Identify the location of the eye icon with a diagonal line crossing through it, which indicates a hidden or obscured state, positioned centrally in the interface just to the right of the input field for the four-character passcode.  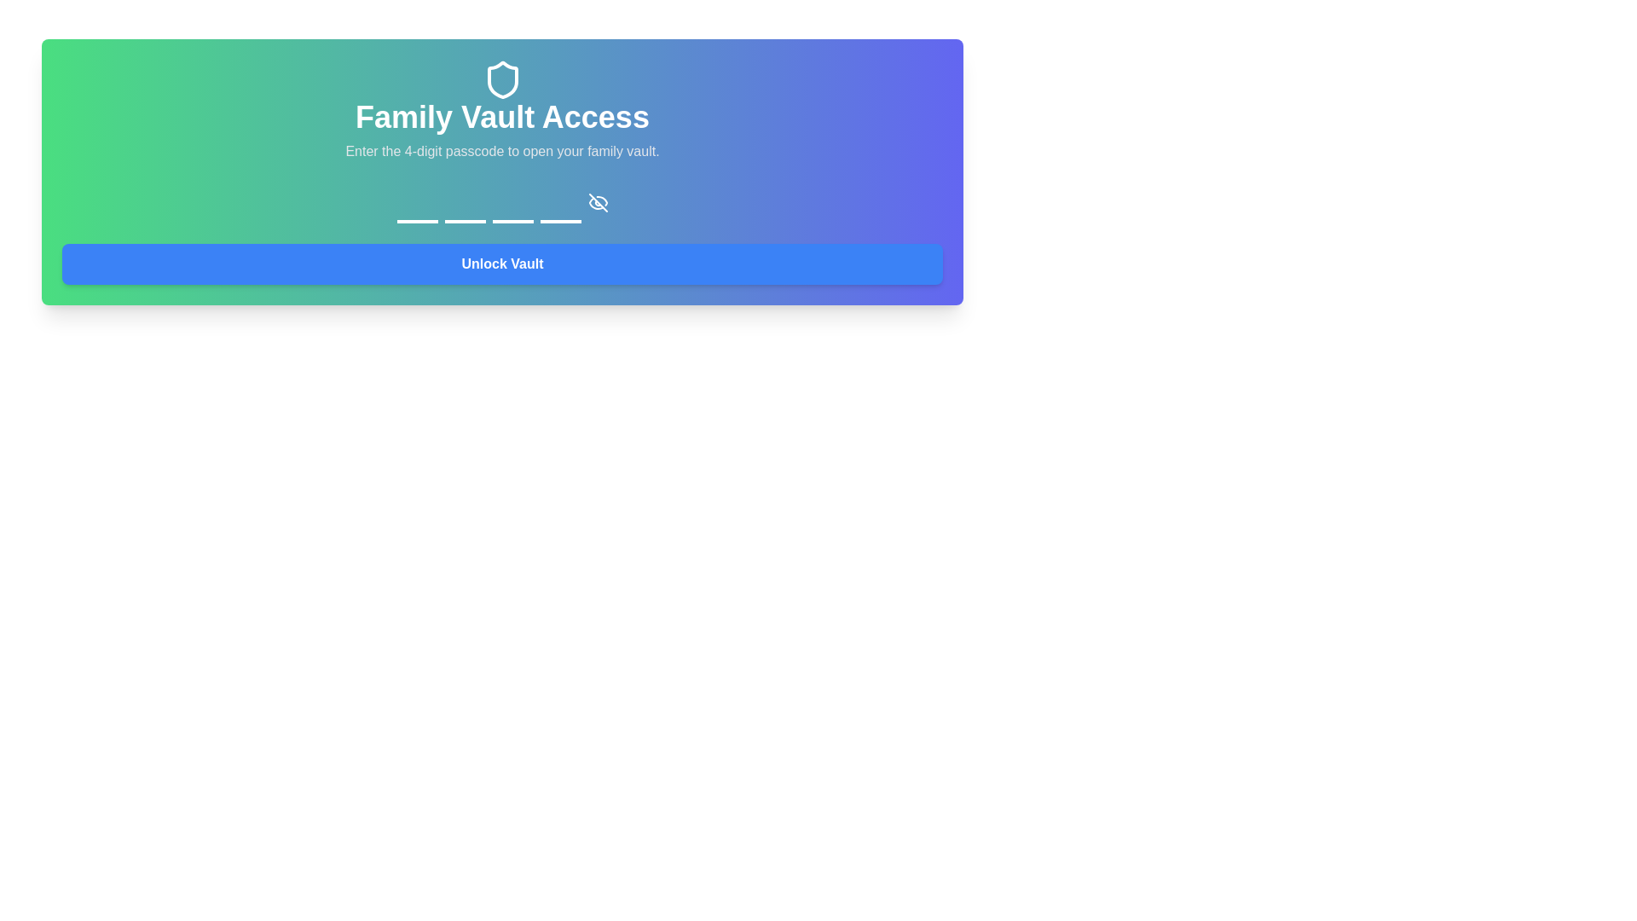
(598, 202).